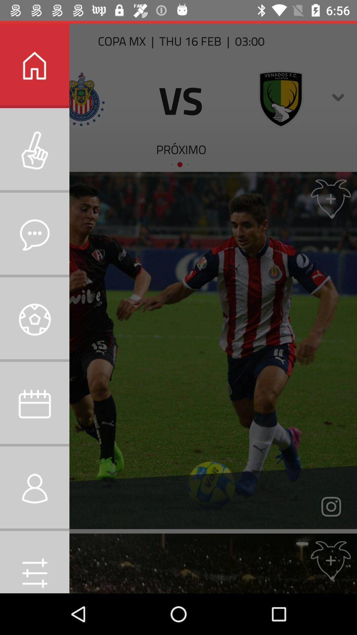  What do you see at coordinates (21, 97) in the screenshot?
I see `the close icon` at bounding box center [21, 97].